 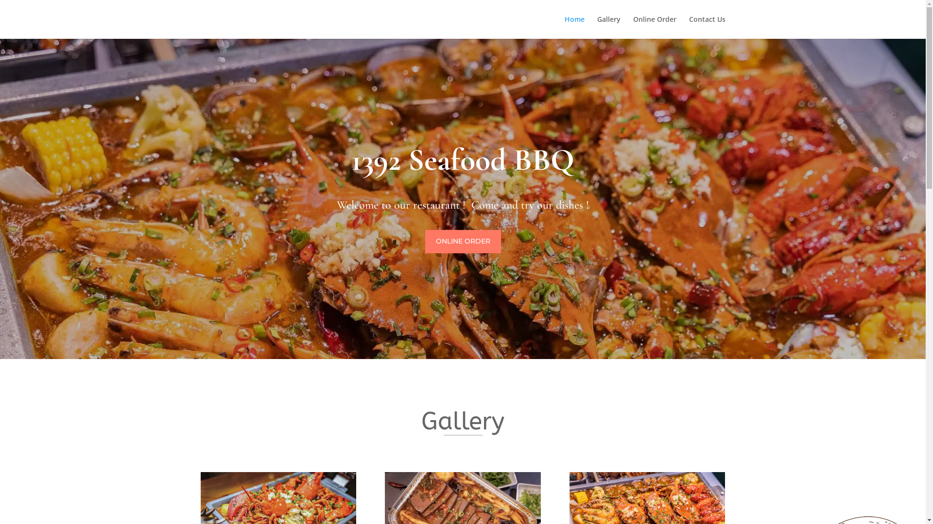 What do you see at coordinates (707, 27) in the screenshot?
I see `'Contact Us'` at bounding box center [707, 27].